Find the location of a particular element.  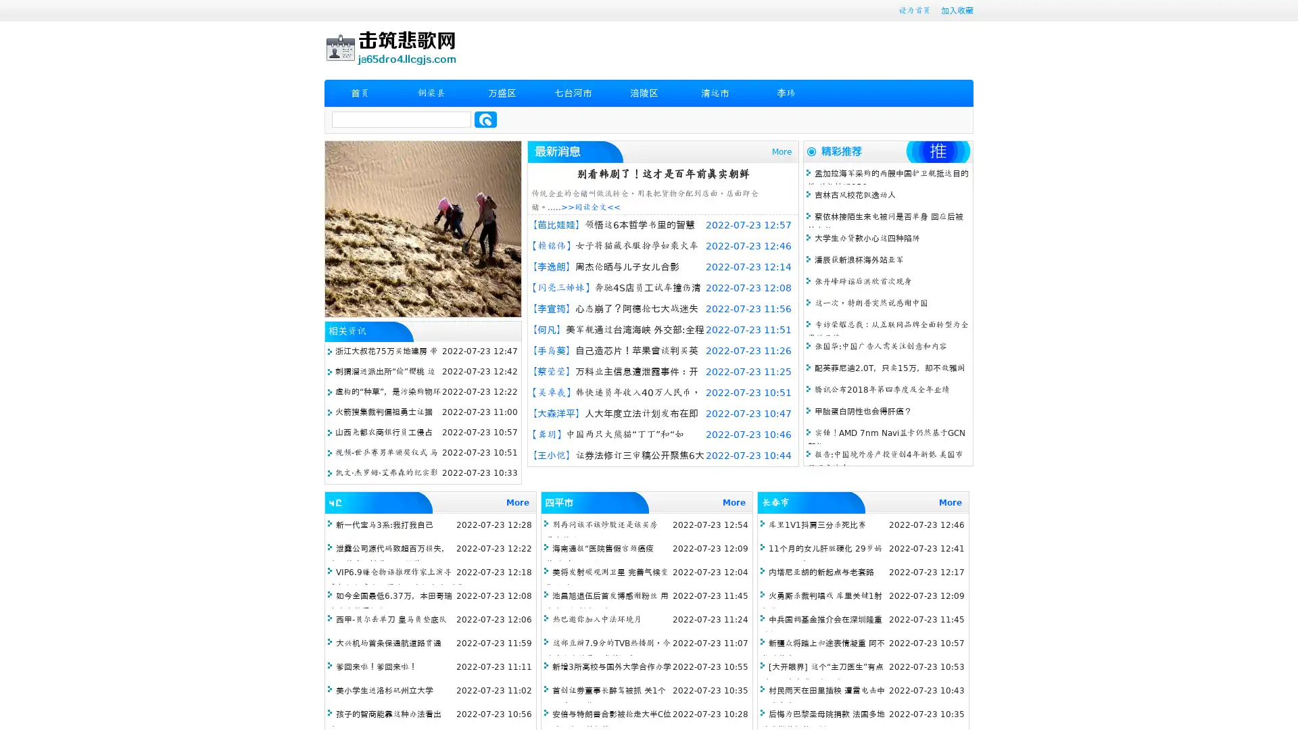

Search is located at coordinates (485, 119).